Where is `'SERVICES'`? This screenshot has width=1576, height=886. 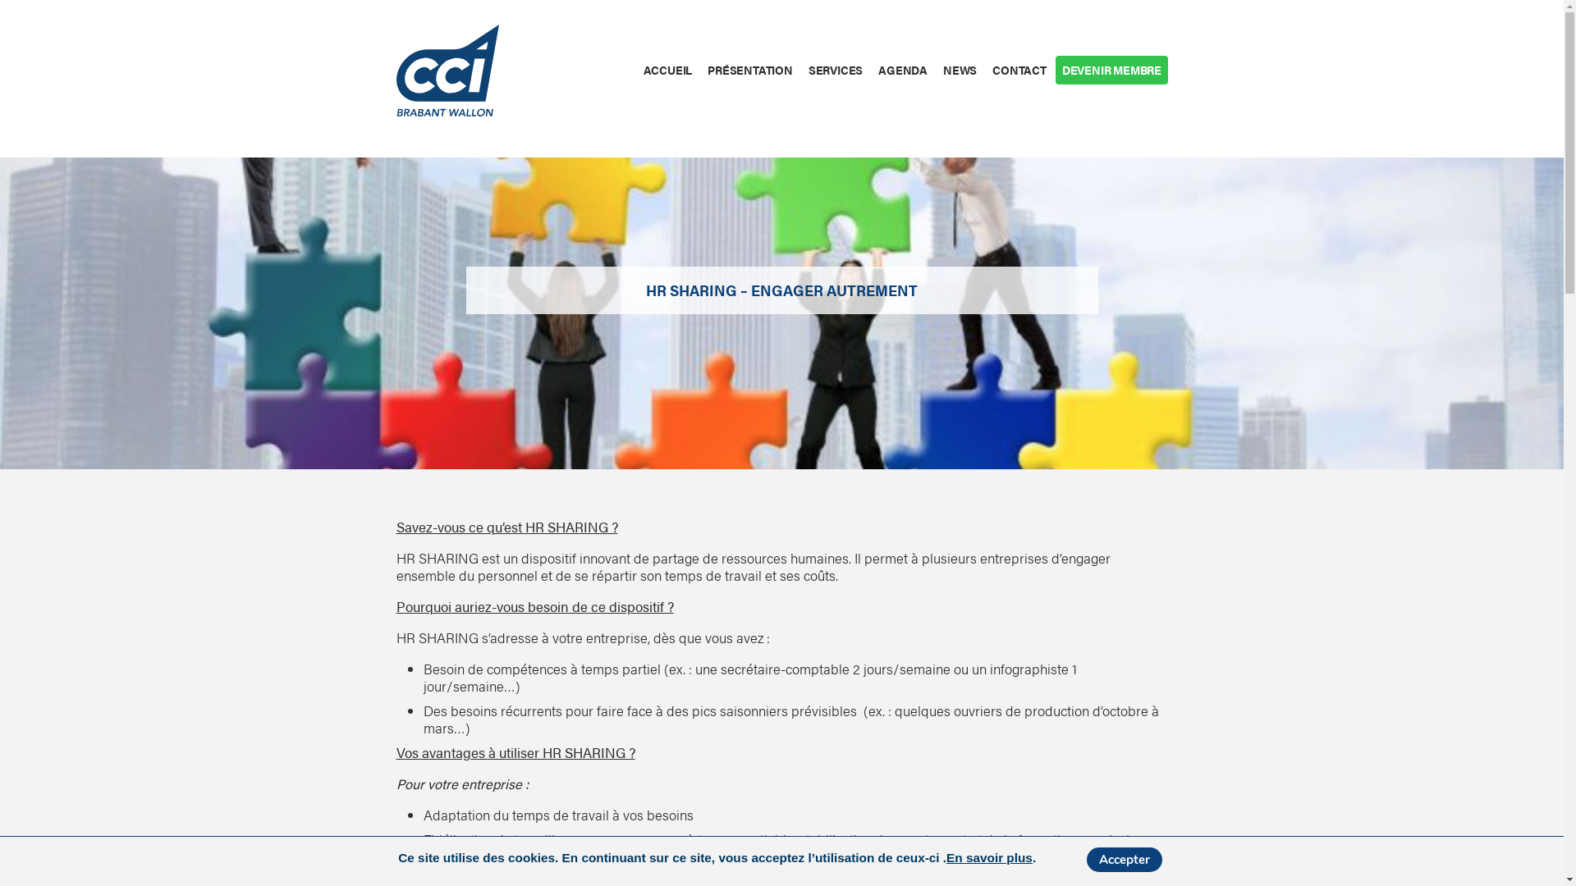
'SERVICES' is located at coordinates (835, 69).